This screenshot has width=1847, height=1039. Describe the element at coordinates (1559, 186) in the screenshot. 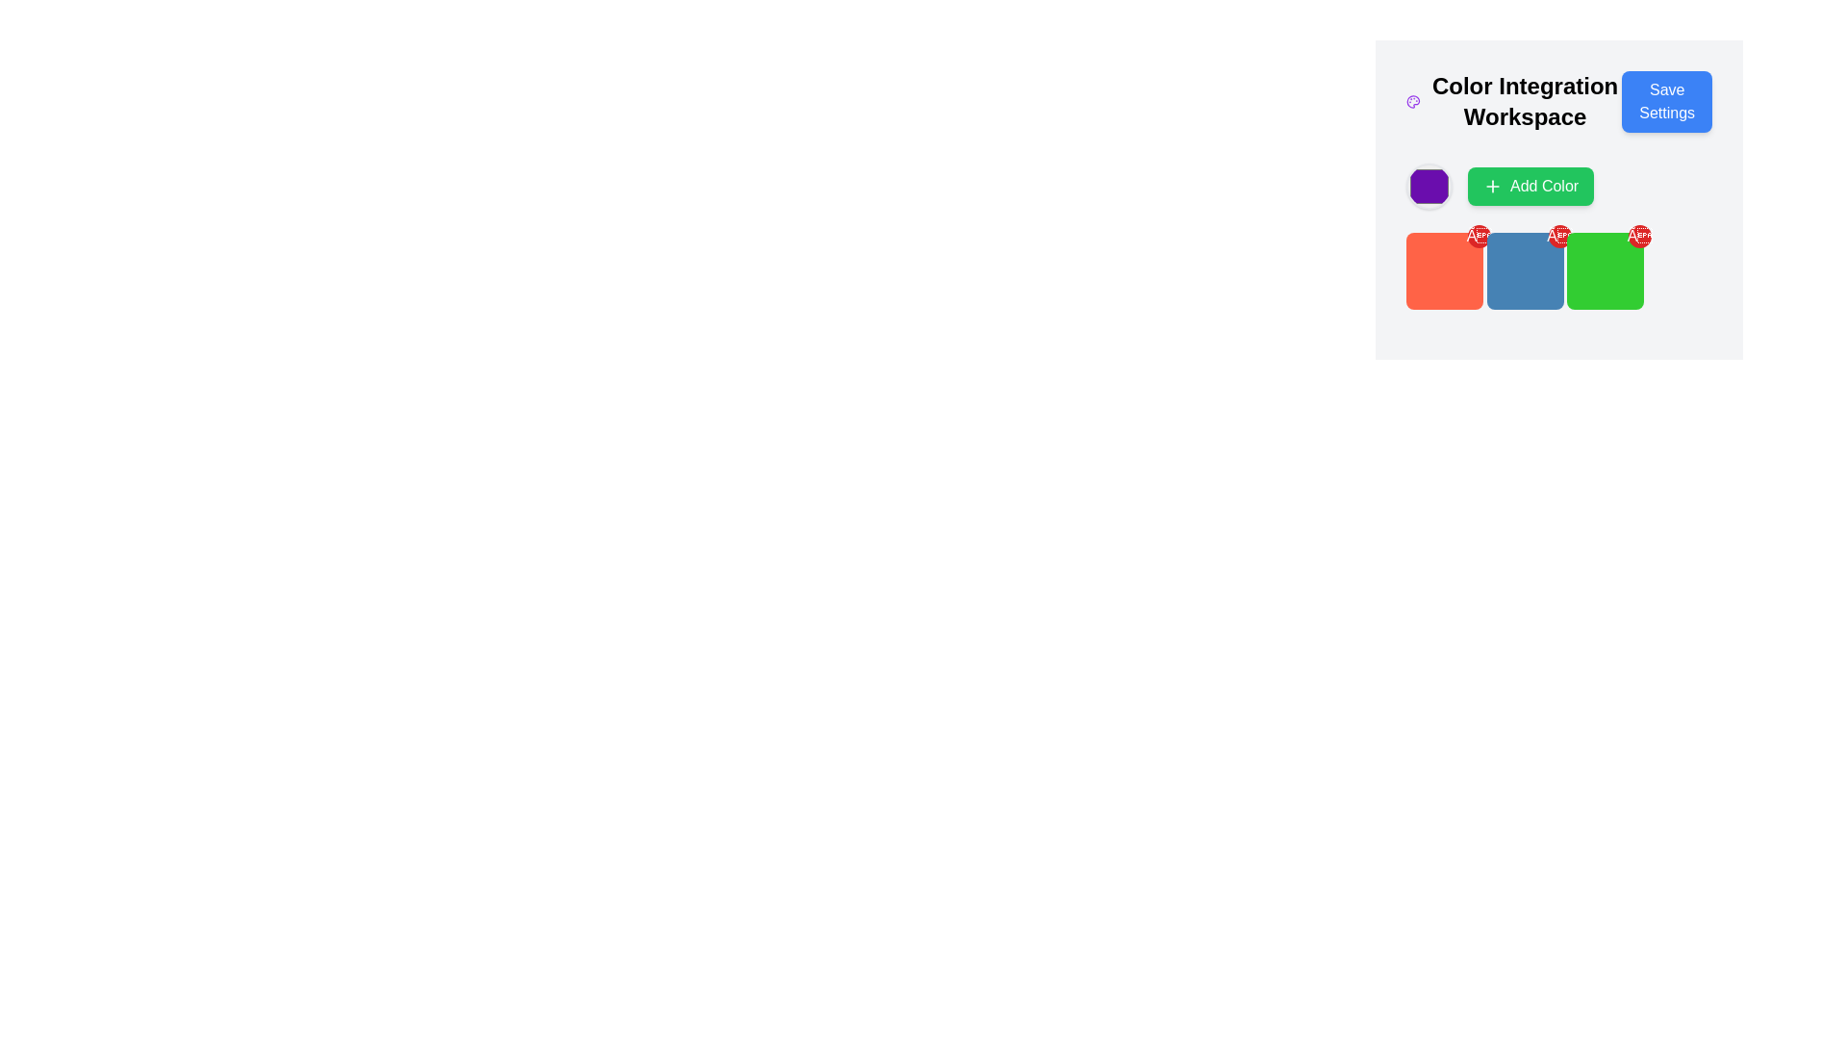

I see `the button located to the right of a purple circular UI component, under the 'Save Settings' button and 'Color Integration Workspace' title` at that location.